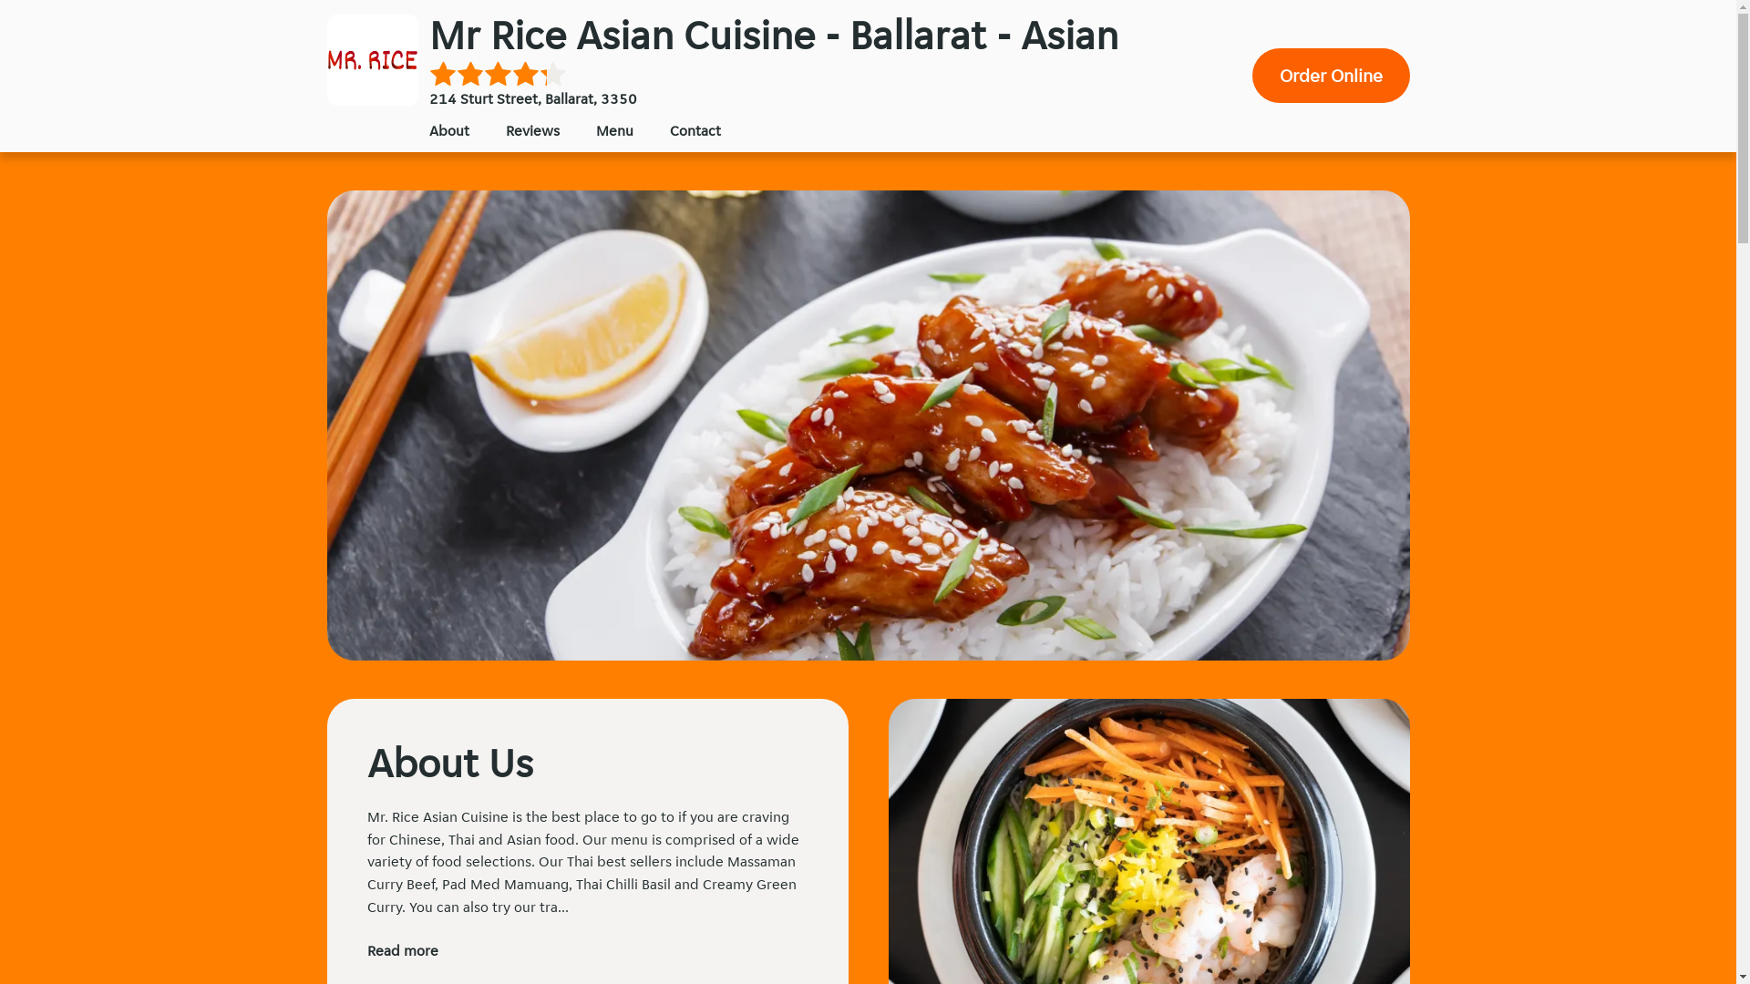 This screenshot has width=1750, height=984. What do you see at coordinates (1331, 75) in the screenshot?
I see `'Order Online'` at bounding box center [1331, 75].